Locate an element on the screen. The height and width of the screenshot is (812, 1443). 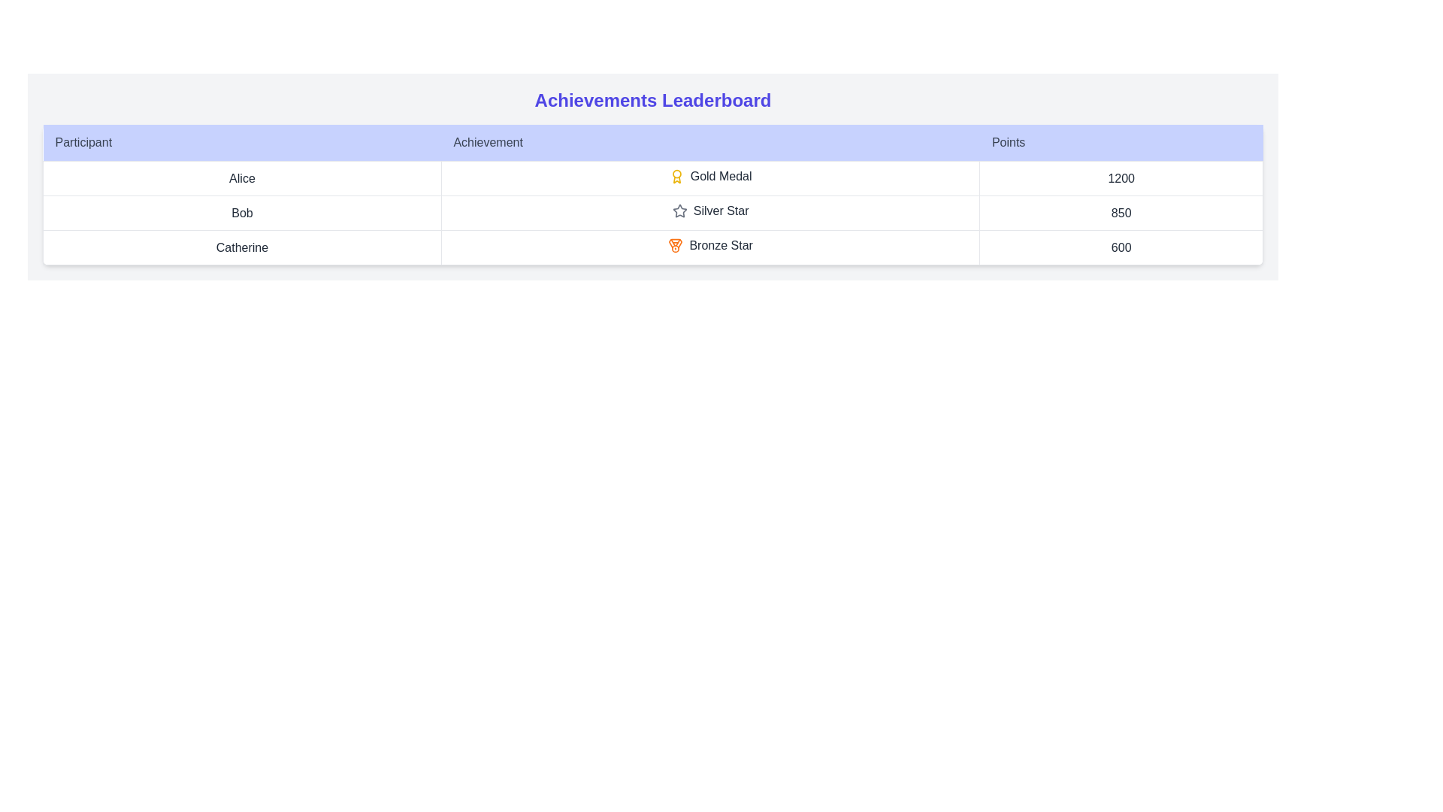
SVG-based star icon located in the 'Achievement' column of the leaderboard table, corresponding to the second row labeled 'Bob' is located at coordinates (679, 211).